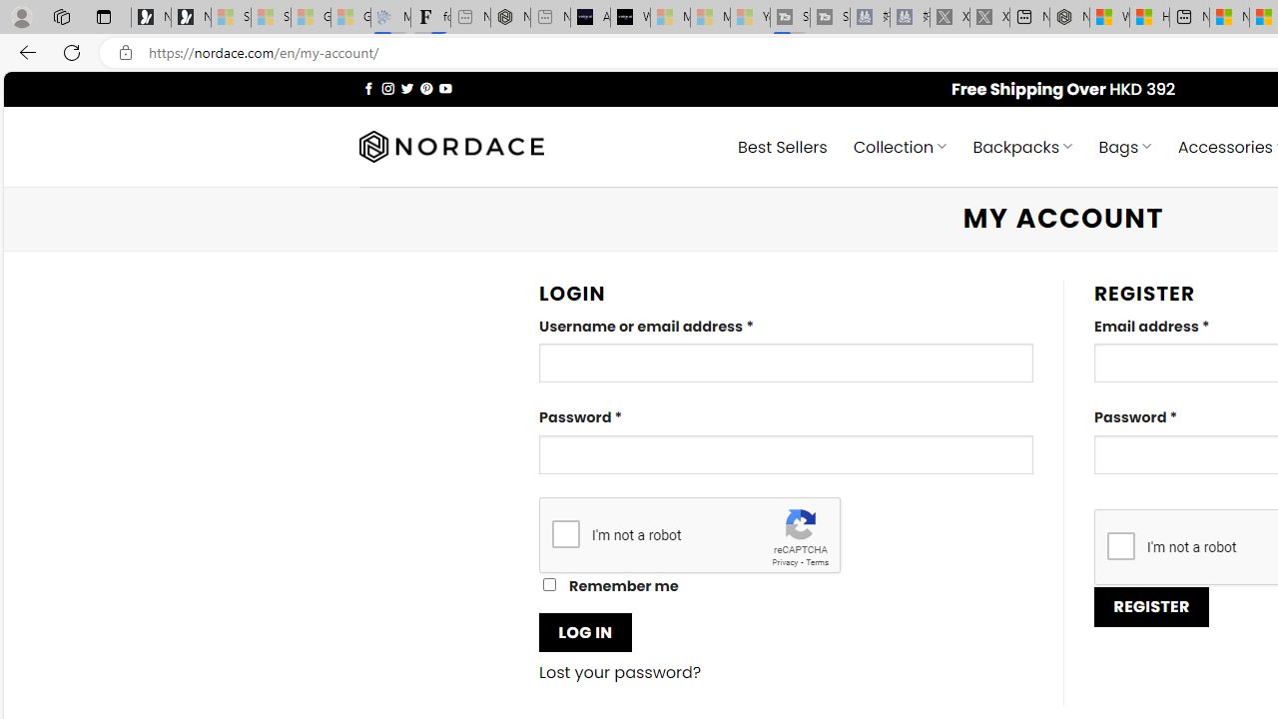 The height and width of the screenshot is (719, 1278). What do you see at coordinates (1120, 545) in the screenshot?
I see `'I'` at bounding box center [1120, 545].